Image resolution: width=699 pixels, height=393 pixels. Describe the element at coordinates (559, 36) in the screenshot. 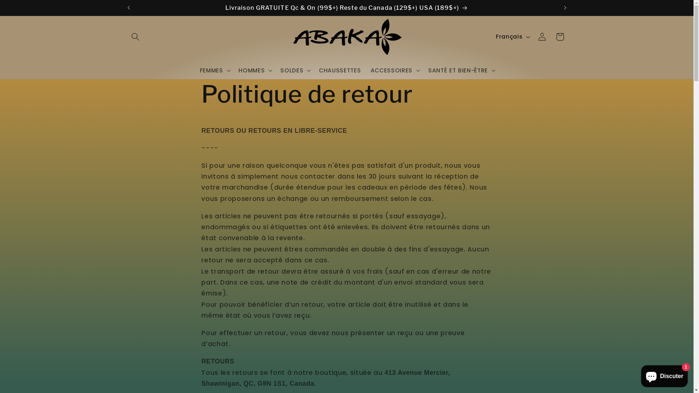

I see `'Panier'` at that location.